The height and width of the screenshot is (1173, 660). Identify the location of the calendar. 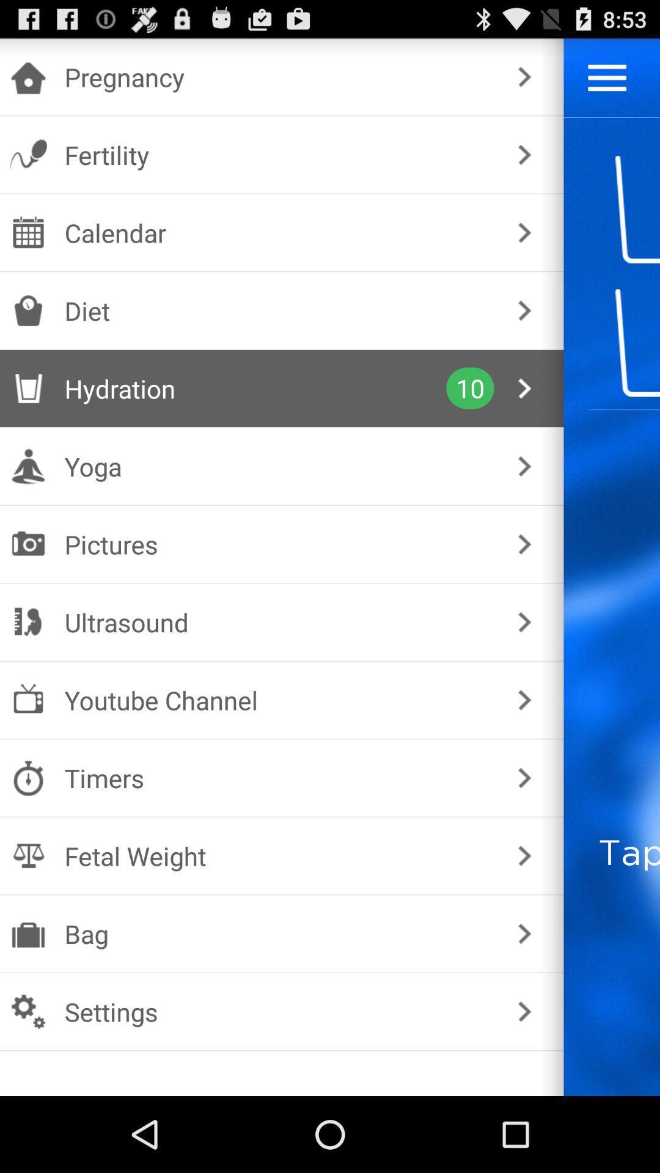
(279, 232).